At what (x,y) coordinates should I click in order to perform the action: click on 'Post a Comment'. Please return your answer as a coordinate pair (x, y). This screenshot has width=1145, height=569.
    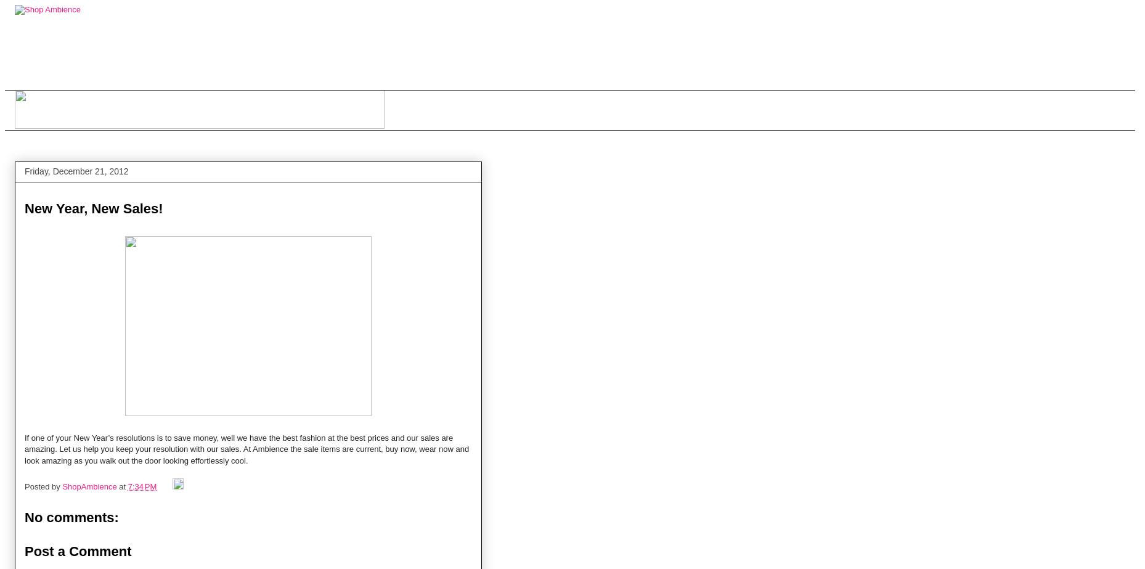
    Looking at the image, I should click on (78, 550).